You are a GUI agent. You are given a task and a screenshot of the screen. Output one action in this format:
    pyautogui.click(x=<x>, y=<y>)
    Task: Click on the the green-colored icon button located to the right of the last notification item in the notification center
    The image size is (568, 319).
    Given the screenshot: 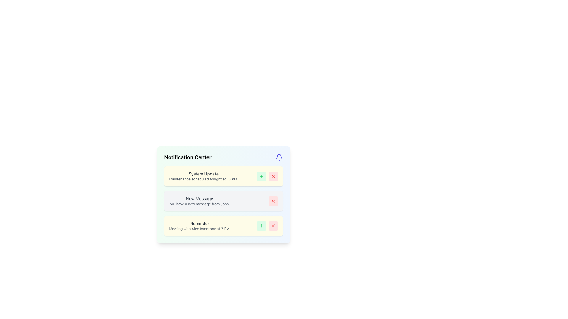 What is the action you would take?
    pyautogui.click(x=261, y=176)
    